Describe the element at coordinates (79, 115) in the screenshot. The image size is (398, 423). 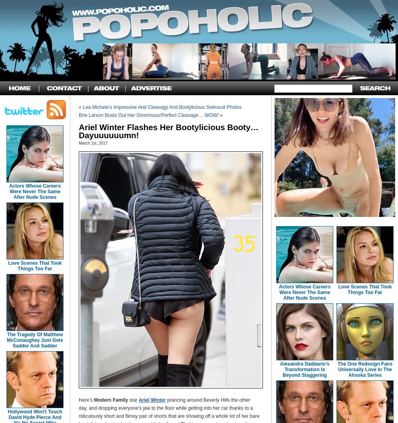
I see `'Brie Larson Busts Out Her Ginormous/Perfect Cleavage… WOW!'` at that location.